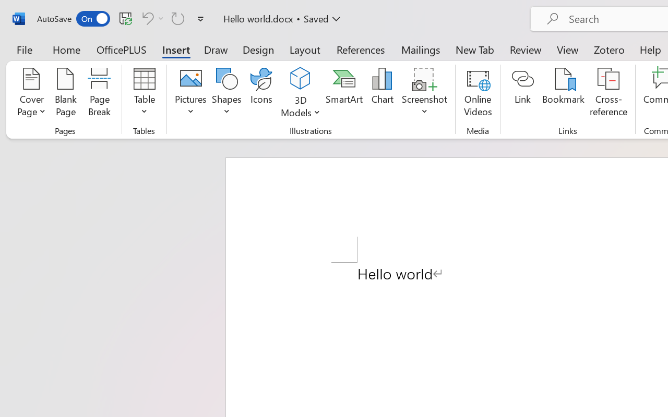 Image resolution: width=668 pixels, height=417 pixels. I want to click on 'Can', so click(146, 18).